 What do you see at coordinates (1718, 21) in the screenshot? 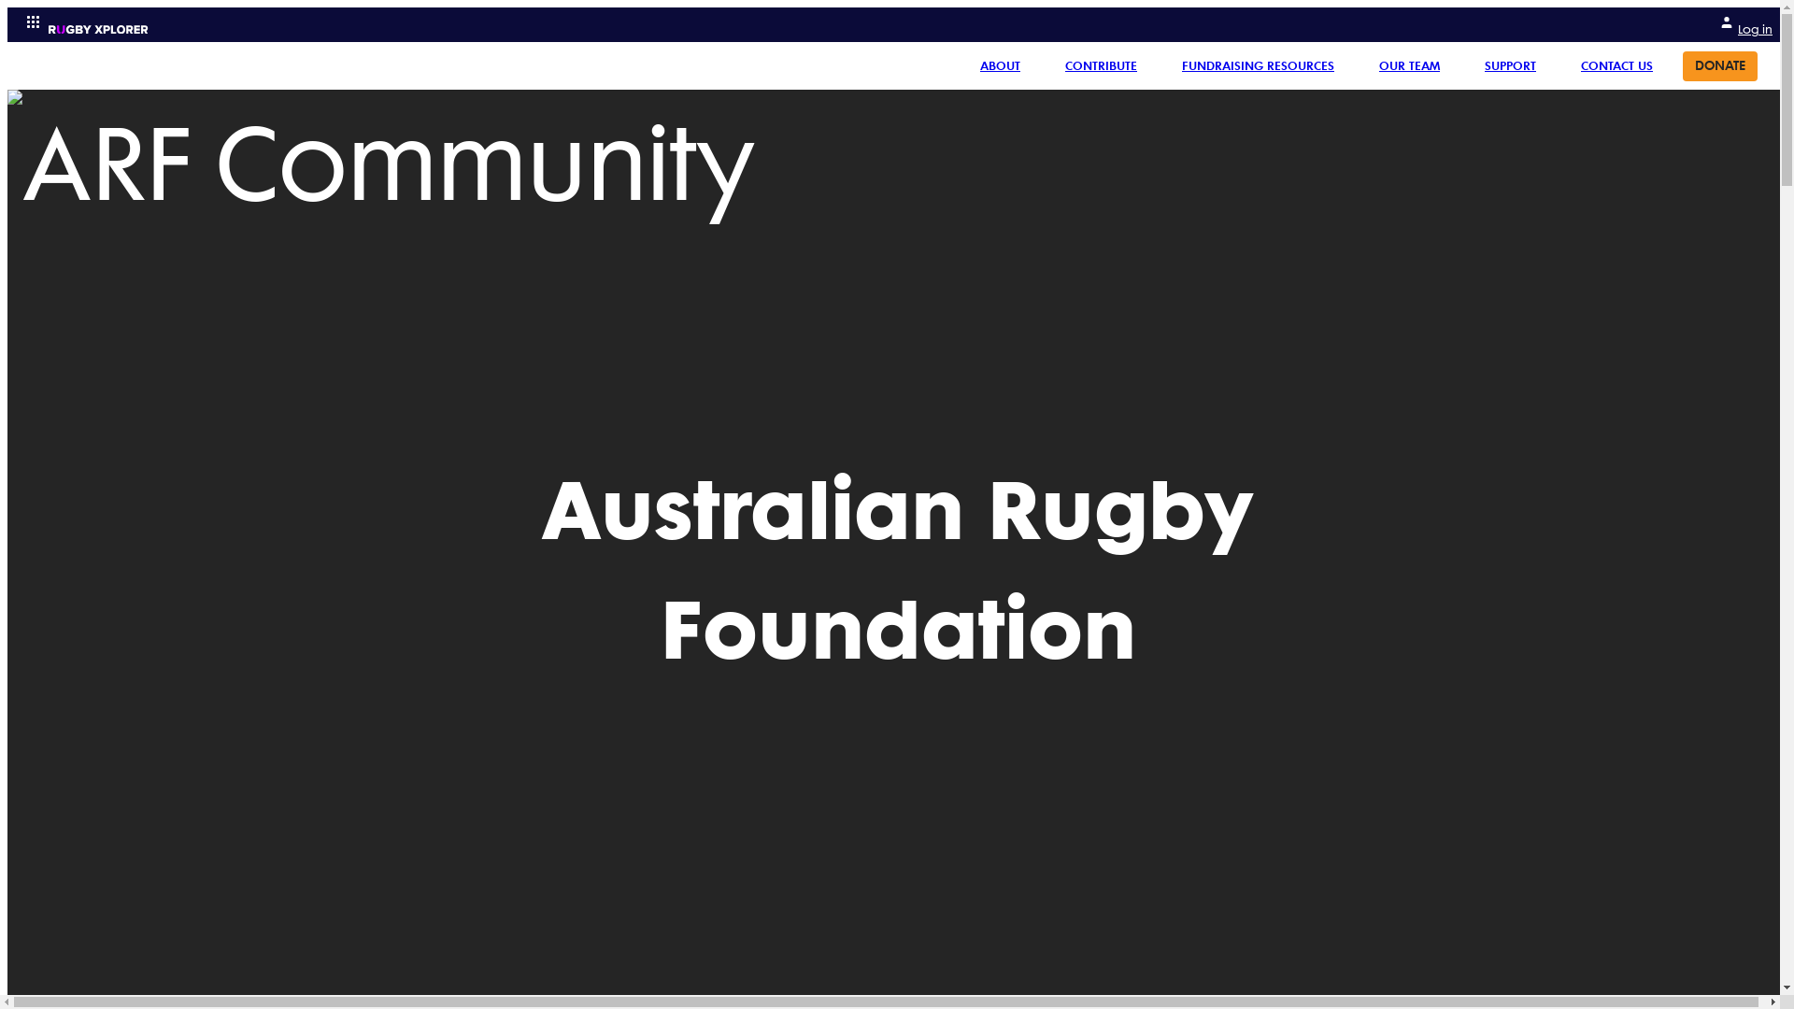
I see `'My Account'` at bounding box center [1718, 21].